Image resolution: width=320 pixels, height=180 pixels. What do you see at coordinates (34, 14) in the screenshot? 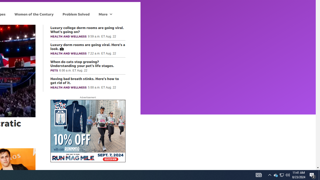
I see `'Women of the Century'` at bounding box center [34, 14].